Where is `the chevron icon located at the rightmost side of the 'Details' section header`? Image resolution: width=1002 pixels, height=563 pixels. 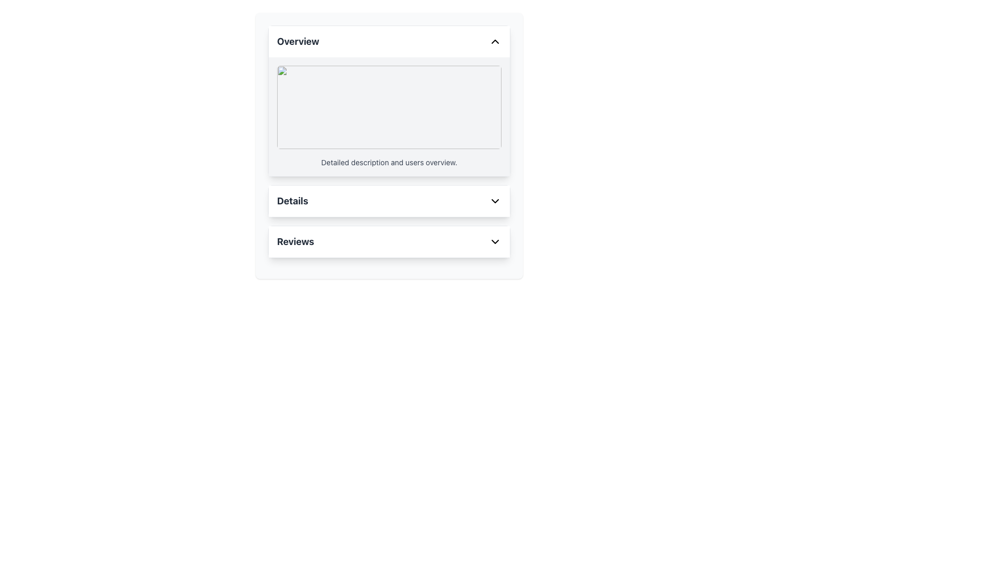
the chevron icon located at the rightmost side of the 'Details' section header is located at coordinates (495, 201).